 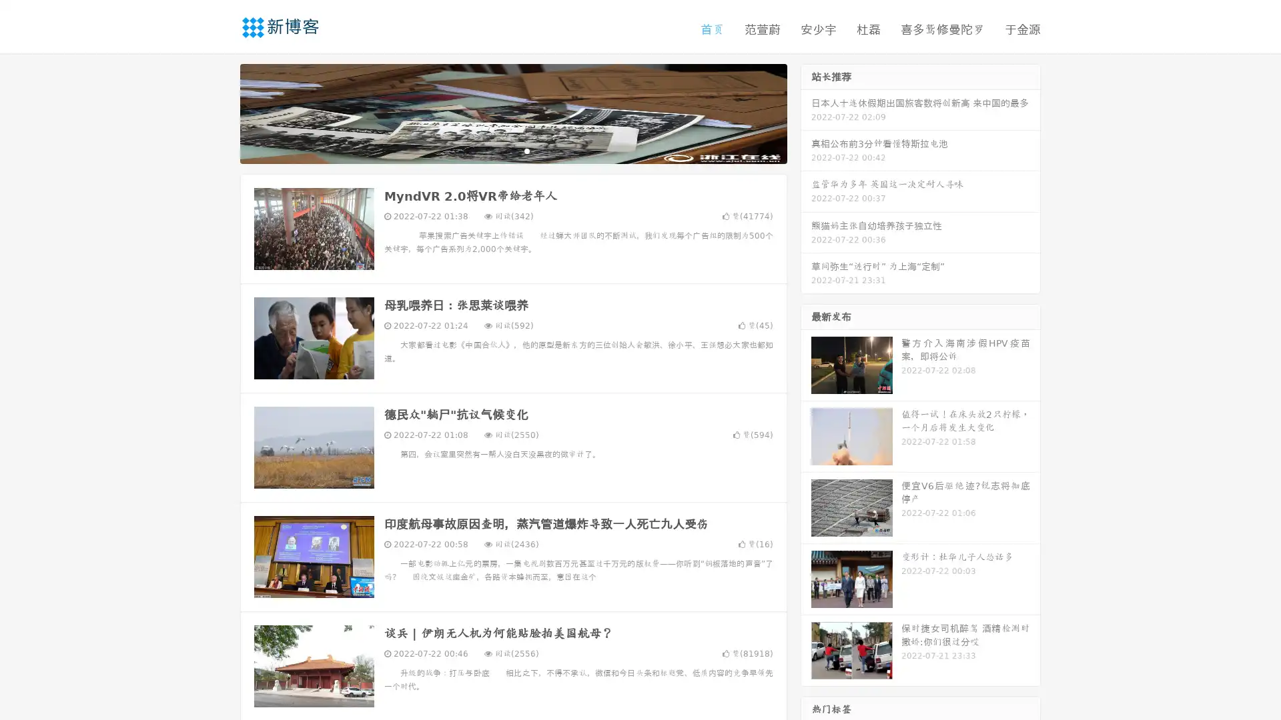 What do you see at coordinates (220, 112) in the screenshot?
I see `Previous slide` at bounding box center [220, 112].